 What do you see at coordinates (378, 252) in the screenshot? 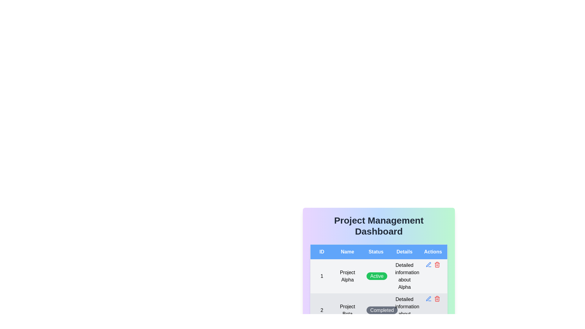
I see `text contents of the table header row with a blue background and white text, containing the headers 'ID', 'Name', 'Status', 'Details', and 'Actions'` at bounding box center [378, 252].